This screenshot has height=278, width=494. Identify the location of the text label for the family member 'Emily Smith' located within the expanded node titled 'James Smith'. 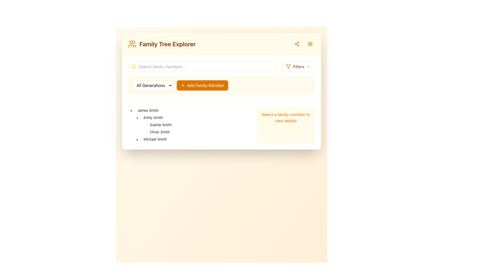
(153, 117).